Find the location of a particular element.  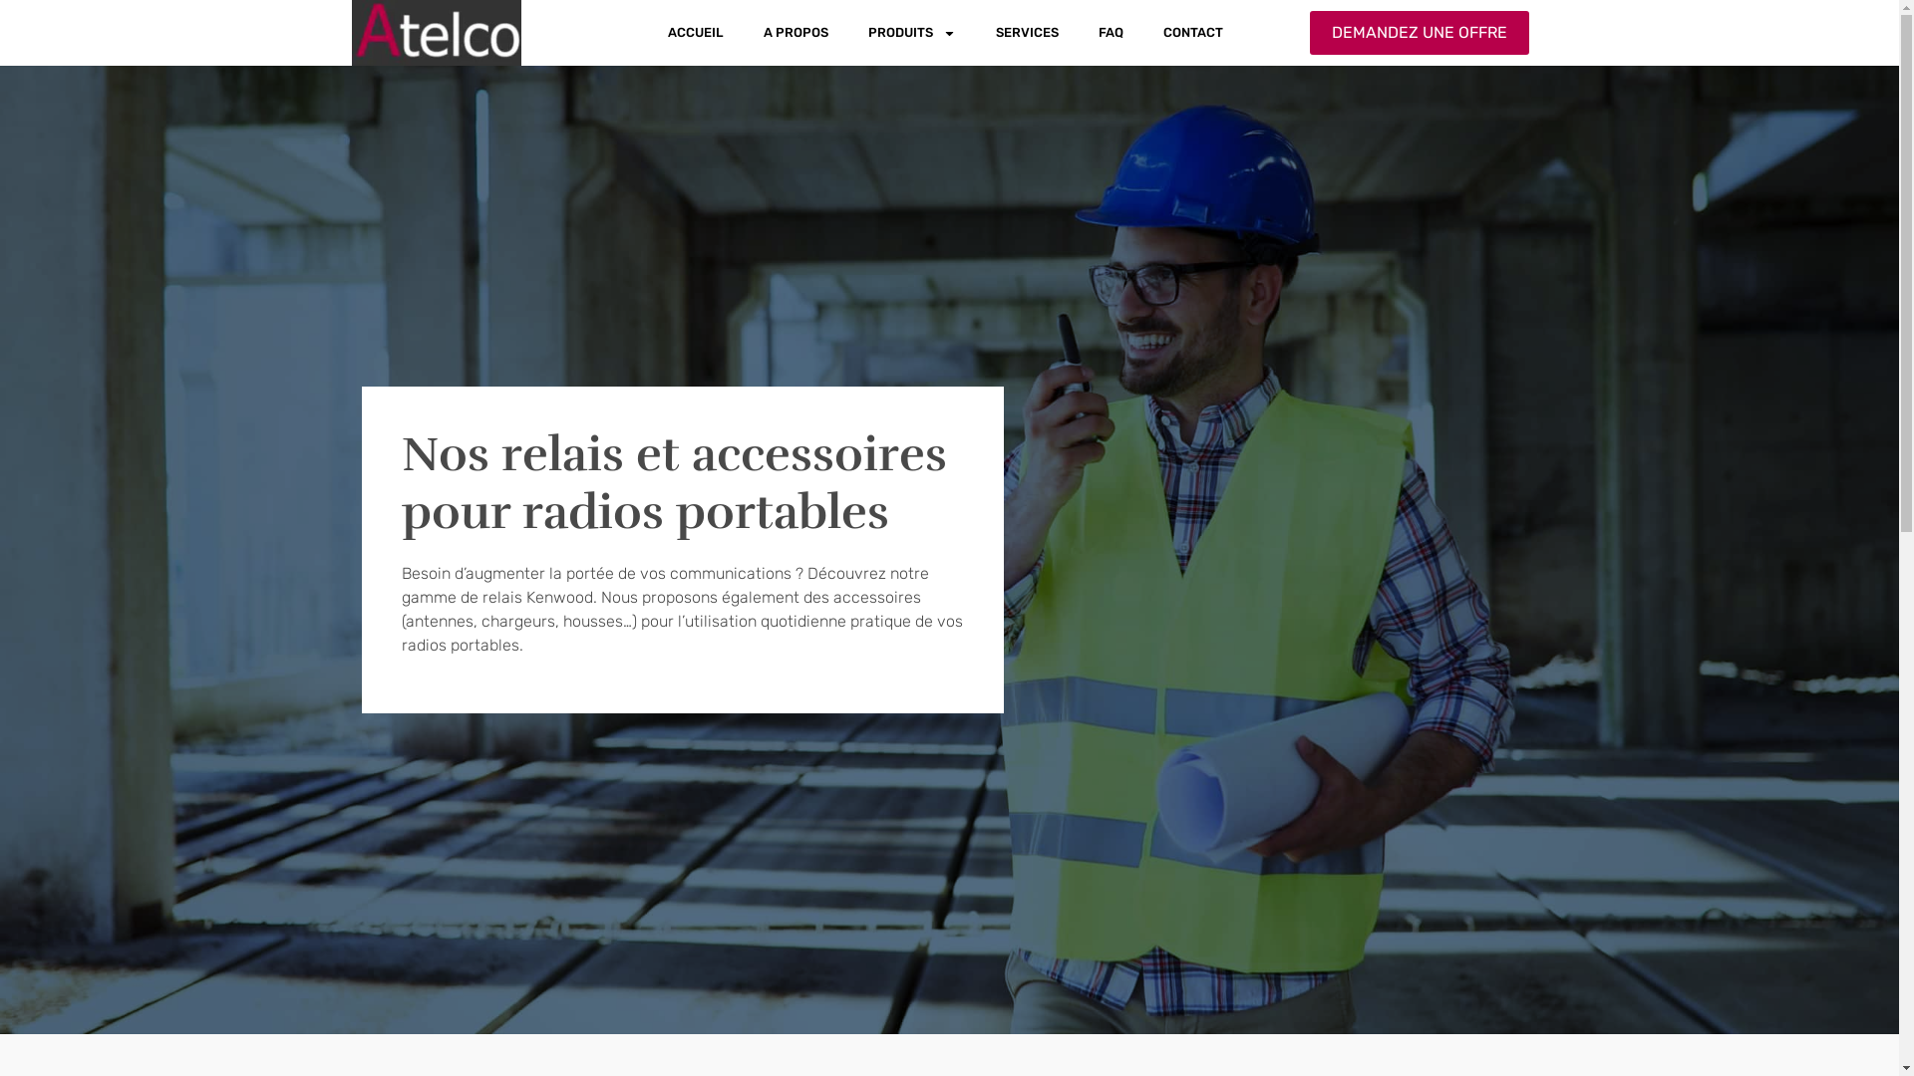

'A PROPOS' is located at coordinates (795, 33).